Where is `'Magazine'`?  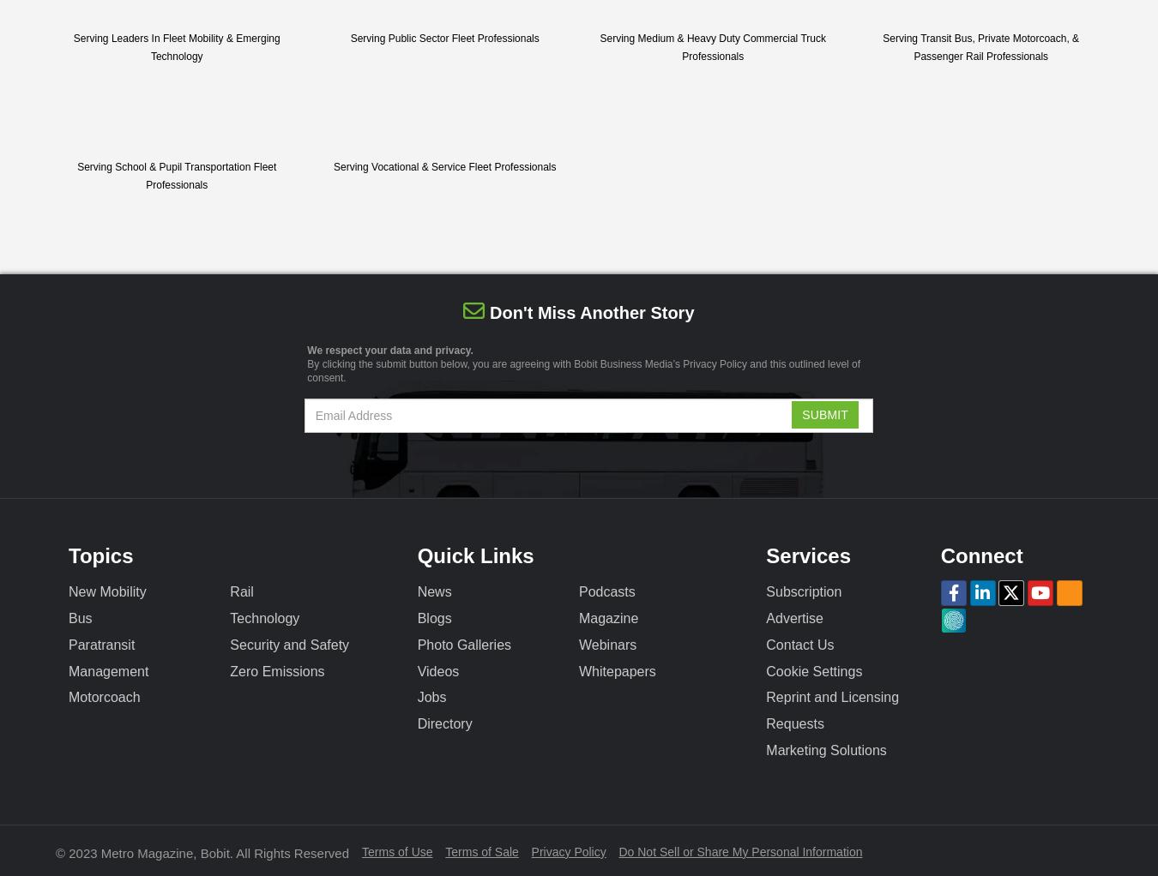 'Magazine' is located at coordinates (607, 617).